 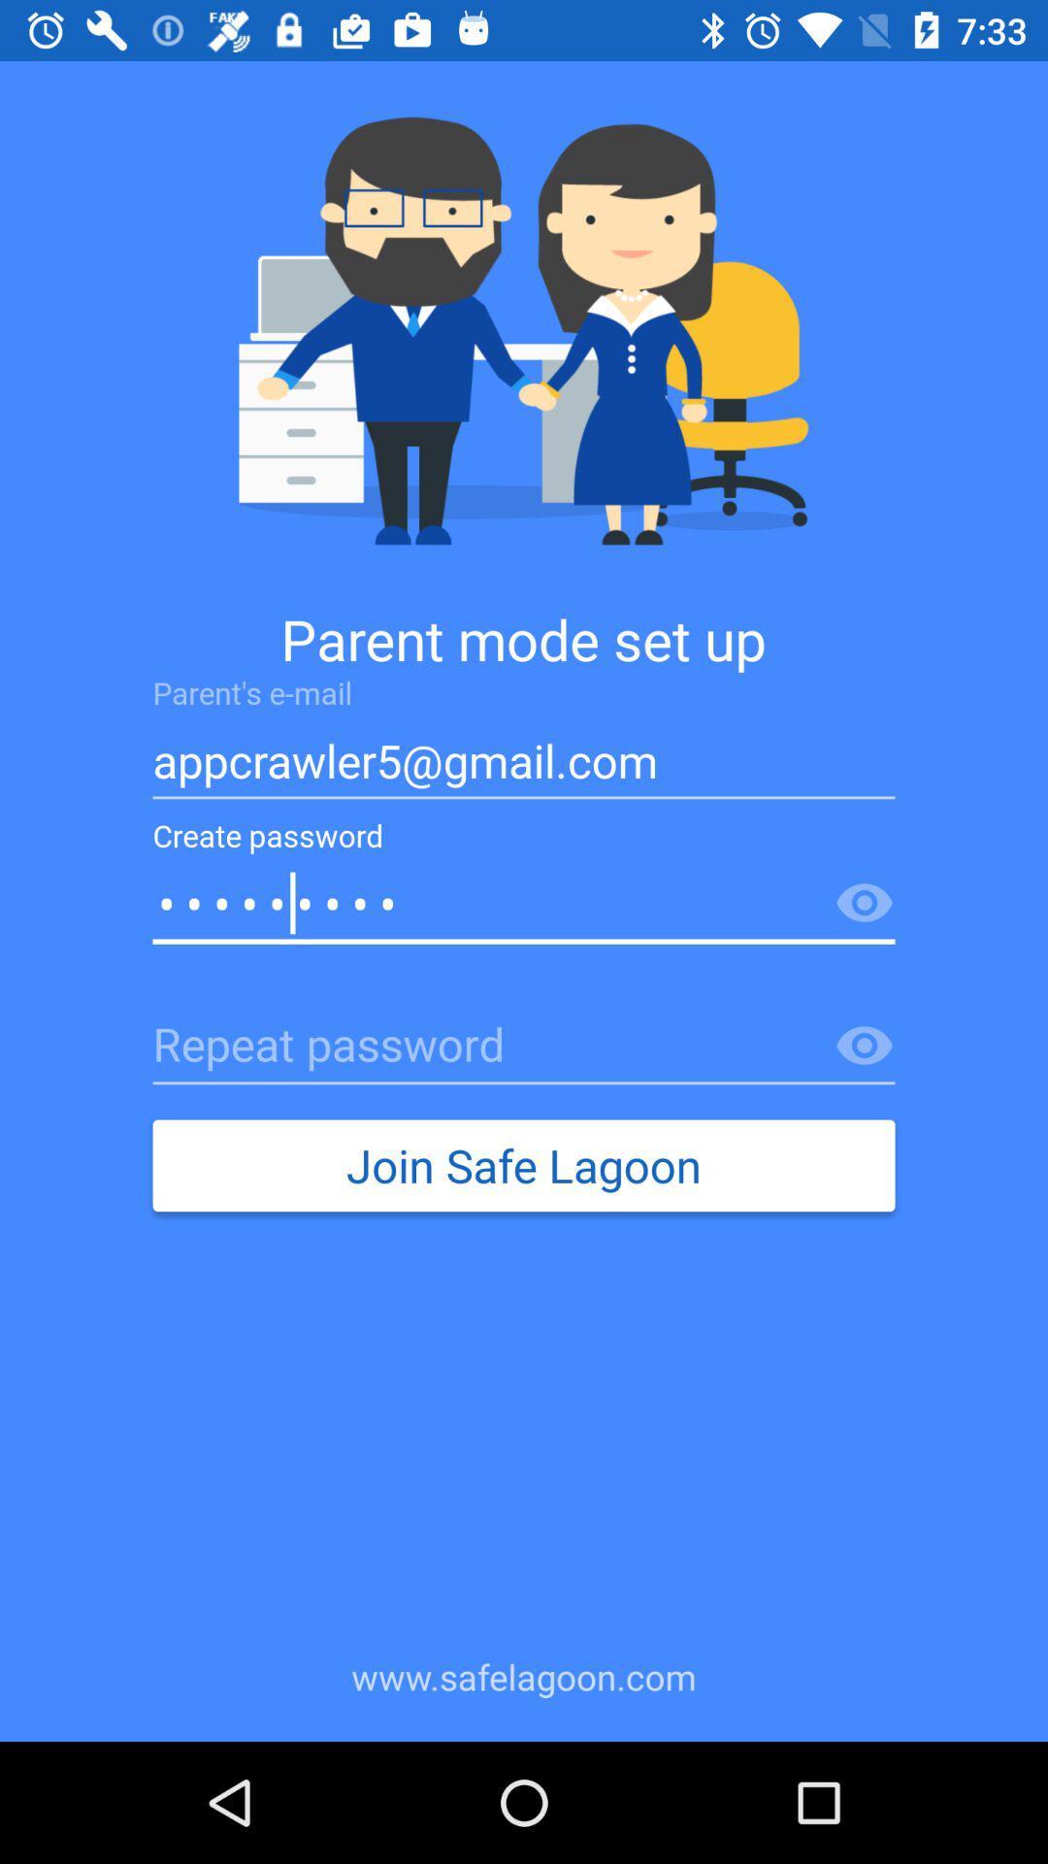 I want to click on password, so click(x=864, y=903).